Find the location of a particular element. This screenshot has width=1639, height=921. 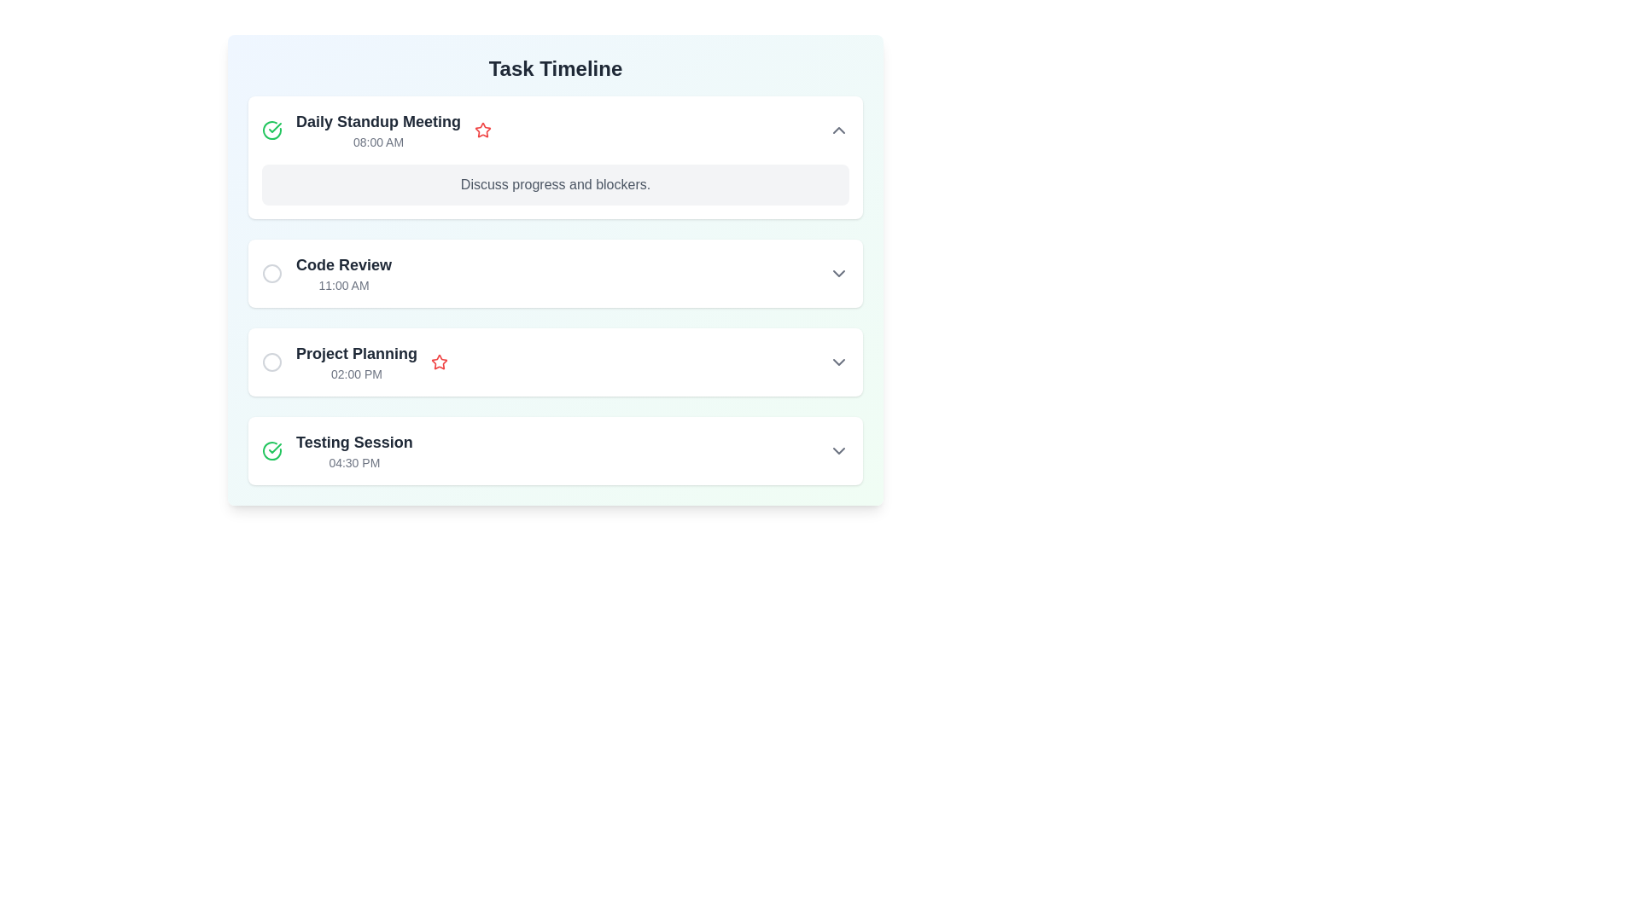

the 'Code Review' task entry in the Task Timeline interface is located at coordinates (556, 272).